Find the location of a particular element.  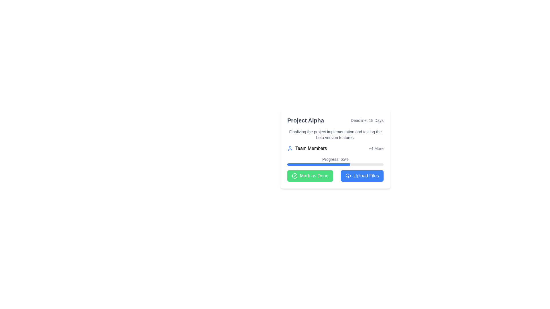

the file upload button located at the bottom-right corner of the card, next to the 'Mark as Done' button is located at coordinates (362, 175).